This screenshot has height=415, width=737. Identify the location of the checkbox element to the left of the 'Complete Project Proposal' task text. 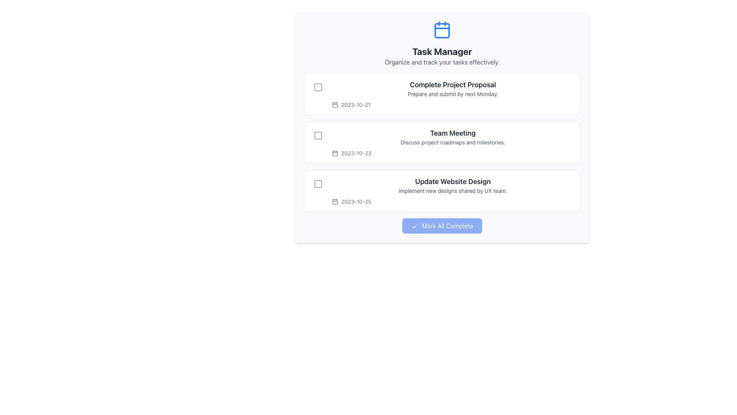
(318, 87).